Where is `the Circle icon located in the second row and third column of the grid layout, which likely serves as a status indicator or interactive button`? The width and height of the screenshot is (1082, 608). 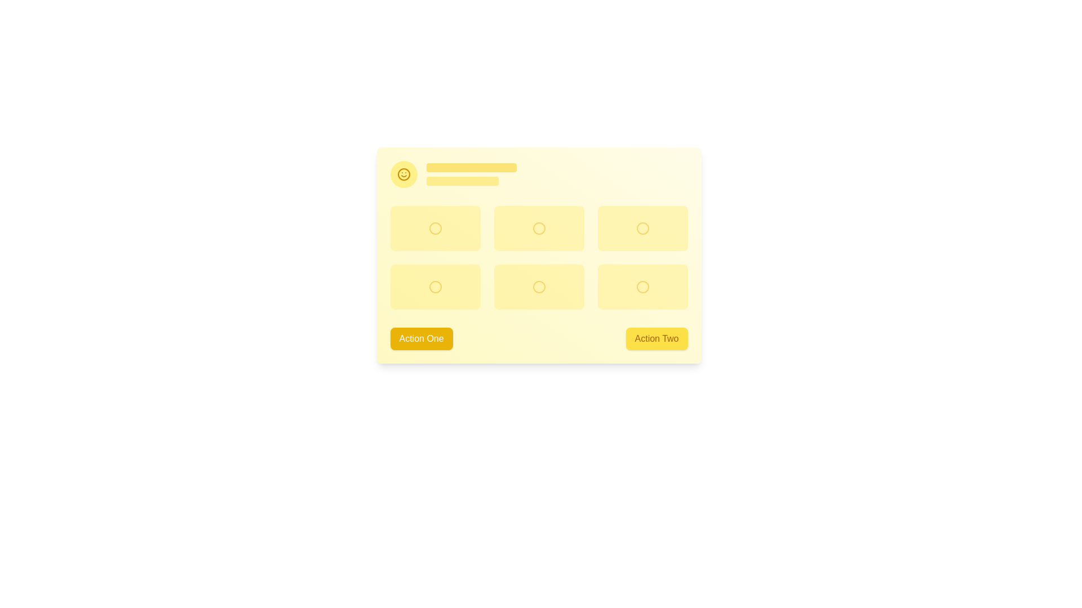
the Circle icon located in the second row and third column of the grid layout, which likely serves as a status indicator or interactive button is located at coordinates (642, 228).